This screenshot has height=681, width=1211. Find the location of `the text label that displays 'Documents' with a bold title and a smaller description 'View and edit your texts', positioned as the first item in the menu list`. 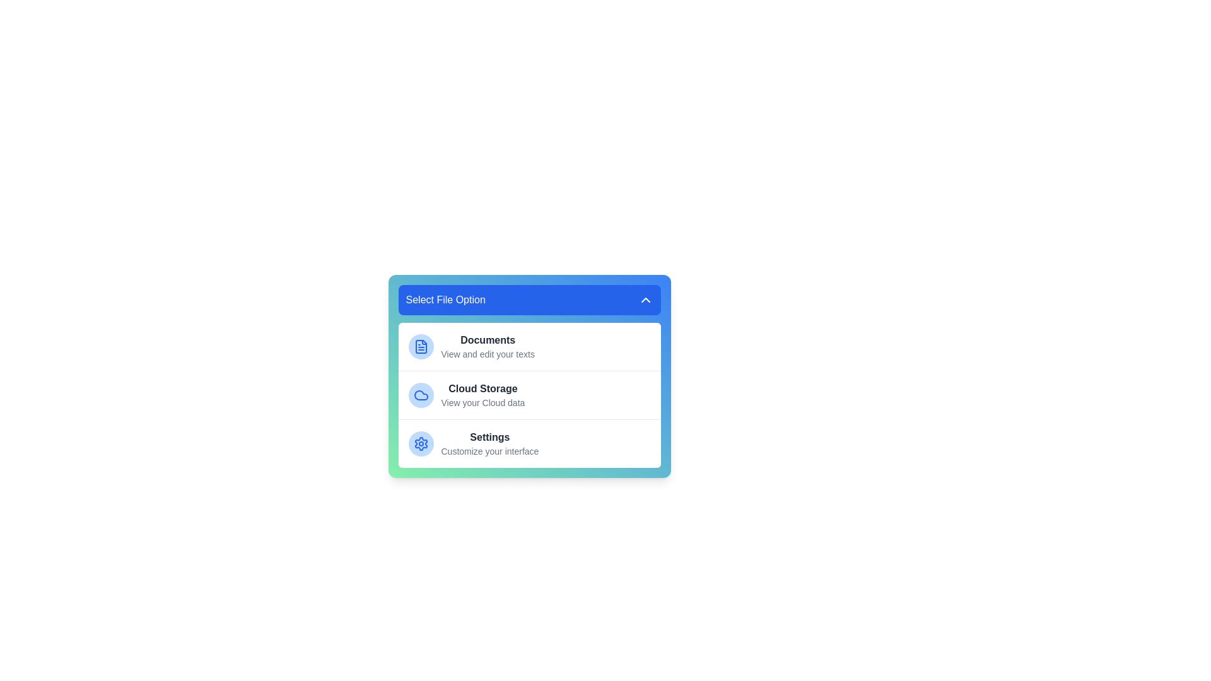

the text label that displays 'Documents' with a bold title and a smaller description 'View and edit your texts', positioned as the first item in the menu list is located at coordinates (487, 347).